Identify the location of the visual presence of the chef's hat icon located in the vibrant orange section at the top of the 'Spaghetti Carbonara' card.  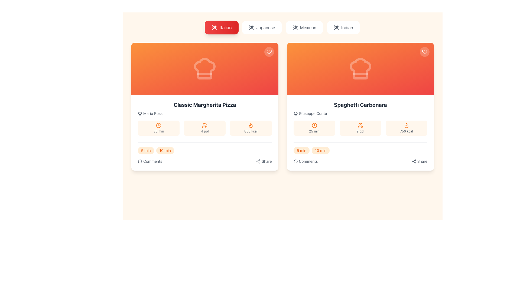
(360, 68).